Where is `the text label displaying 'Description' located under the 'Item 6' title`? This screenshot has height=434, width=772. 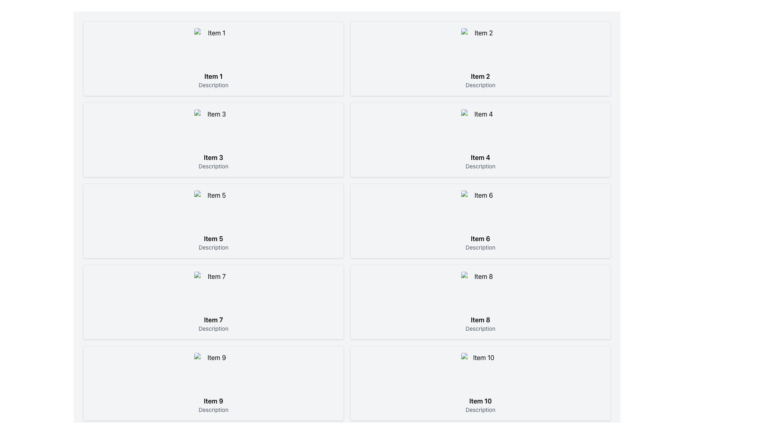 the text label displaying 'Description' located under the 'Item 6' title is located at coordinates (480, 247).